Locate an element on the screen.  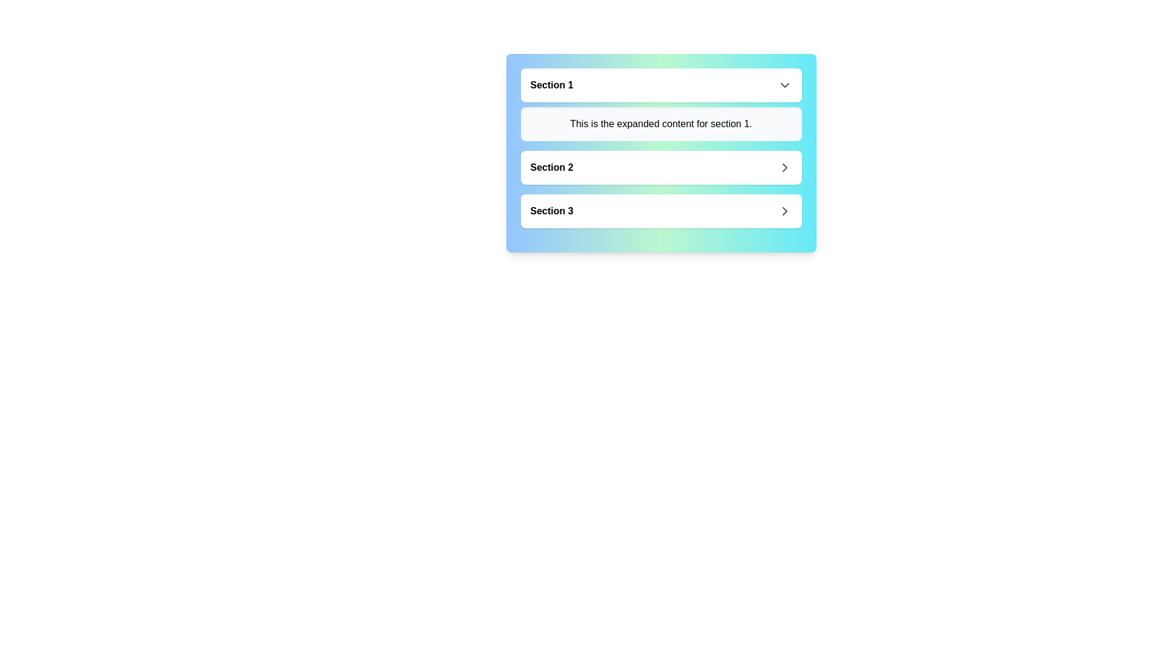
the Expandable section header to enable keyboard interaction is located at coordinates (660, 85).